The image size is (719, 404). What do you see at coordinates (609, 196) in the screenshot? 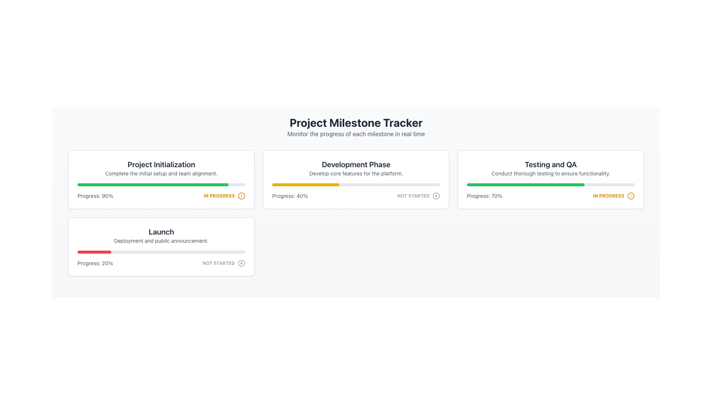
I see `the progress status label in the top-right corner of the 'Testing and QA' milestone card` at bounding box center [609, 196].